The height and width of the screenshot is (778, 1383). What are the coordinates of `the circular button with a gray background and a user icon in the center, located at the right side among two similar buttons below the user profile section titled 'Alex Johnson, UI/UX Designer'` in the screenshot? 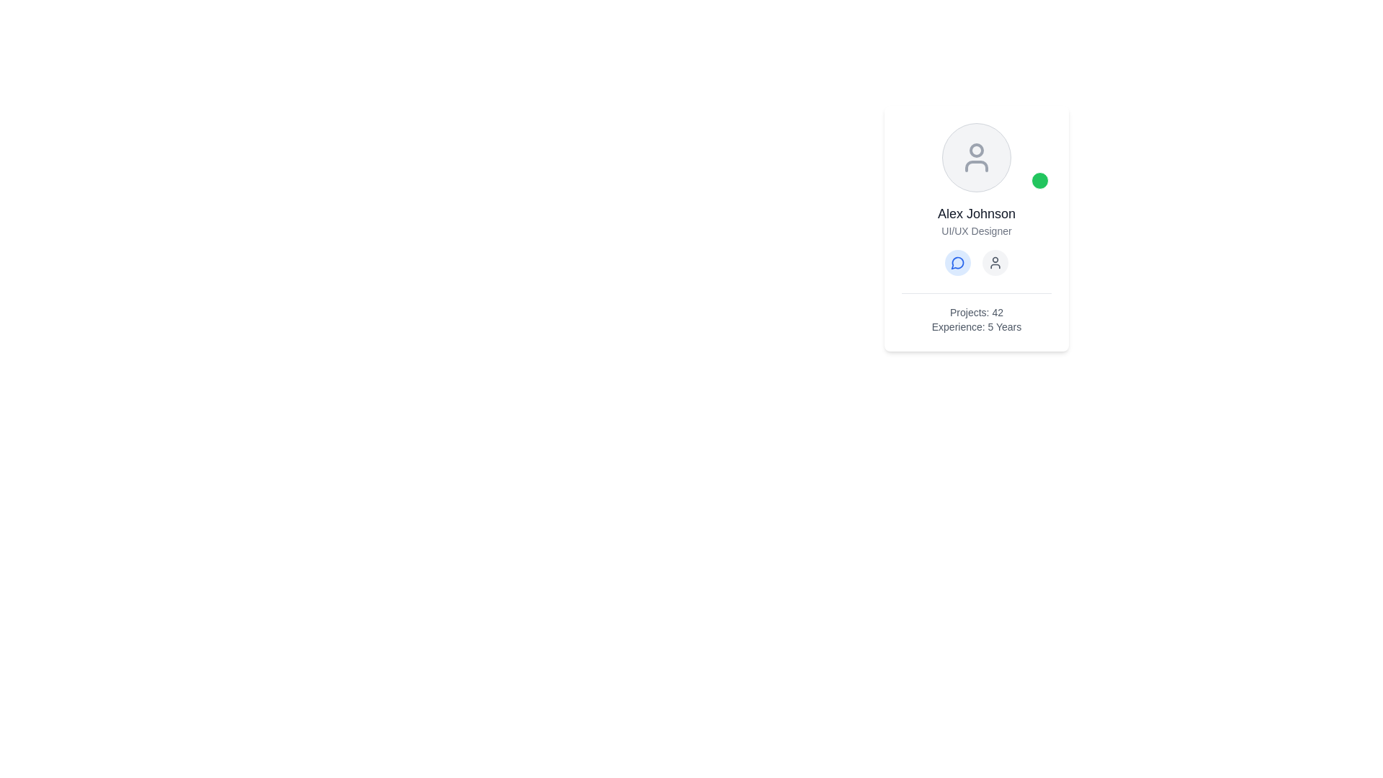 It's located at (995, 263).